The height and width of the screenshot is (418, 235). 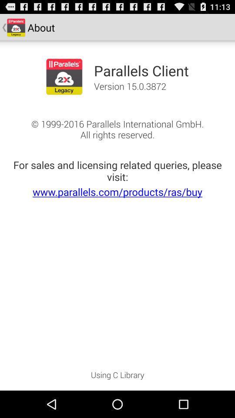 What do you see at coordinates (117, 377) in the screenshot?
I see `app at the bottom` at bounding box center [117, 377].